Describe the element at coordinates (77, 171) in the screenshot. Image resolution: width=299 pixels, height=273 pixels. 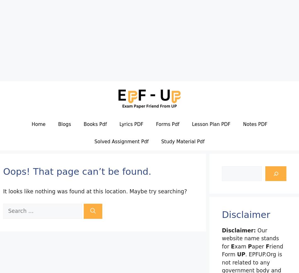
I see `'Oops! That page can’t be found.'` at that location.